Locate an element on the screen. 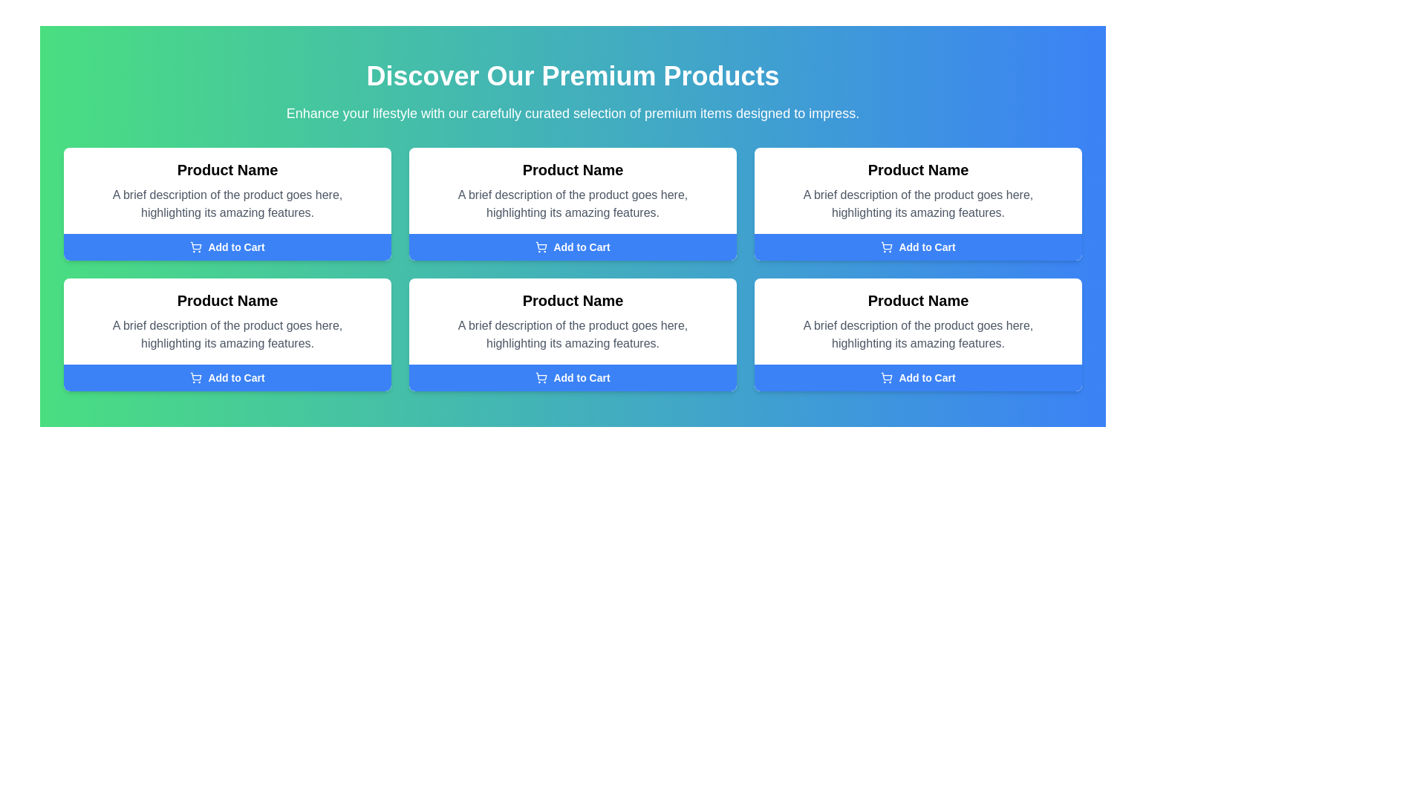 The image size is (1426, 802). the 'Add to Cart' button located at the bottom of the card layout in the top left corner is located at coordinates (227, 246).